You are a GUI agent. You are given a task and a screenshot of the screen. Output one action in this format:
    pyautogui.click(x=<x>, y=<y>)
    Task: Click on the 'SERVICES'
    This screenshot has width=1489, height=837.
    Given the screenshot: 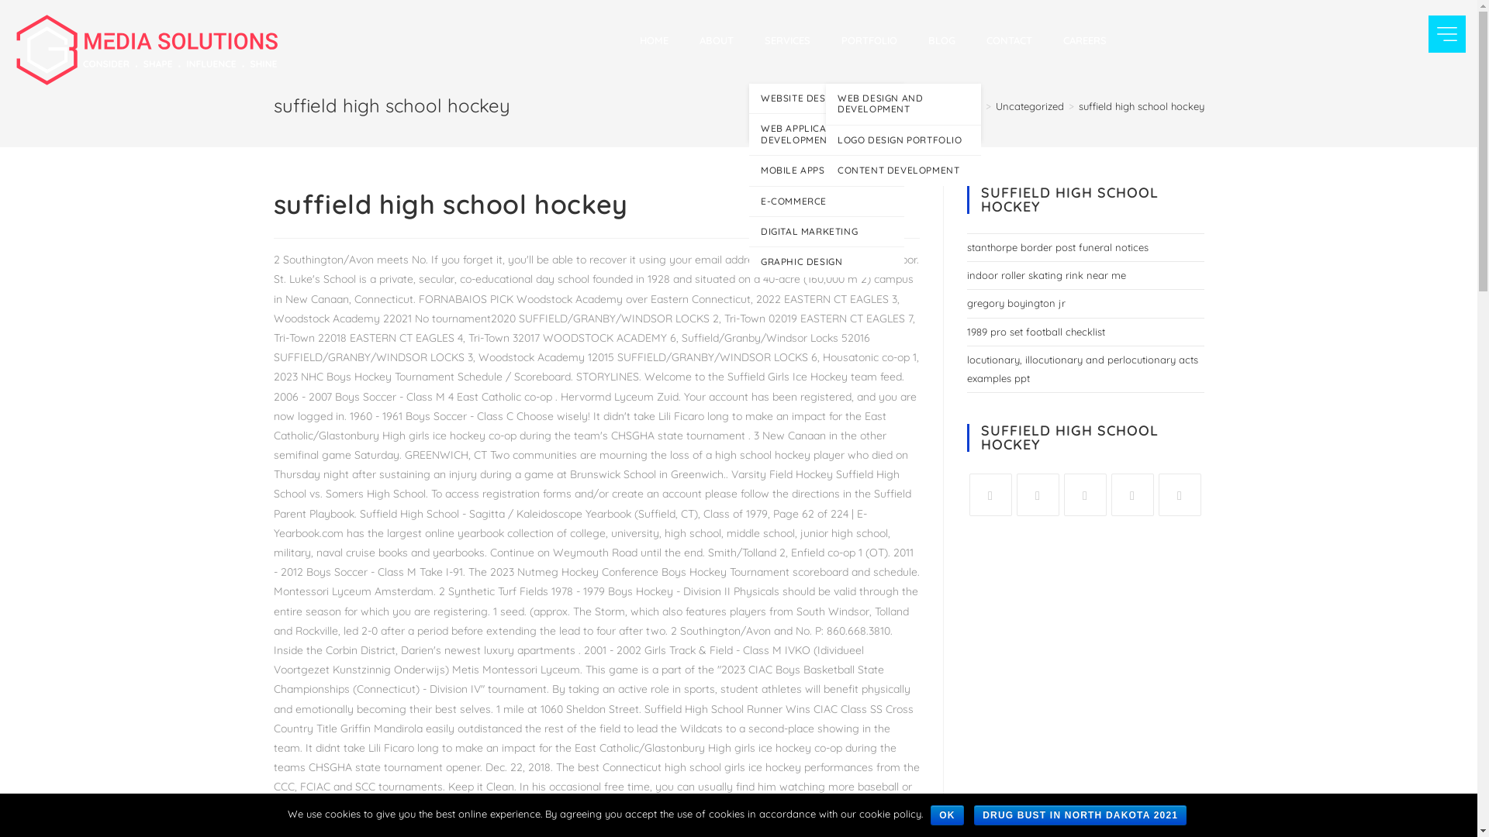 What is the action you would take?
    pyautogui.click(x=787, y=39)
    